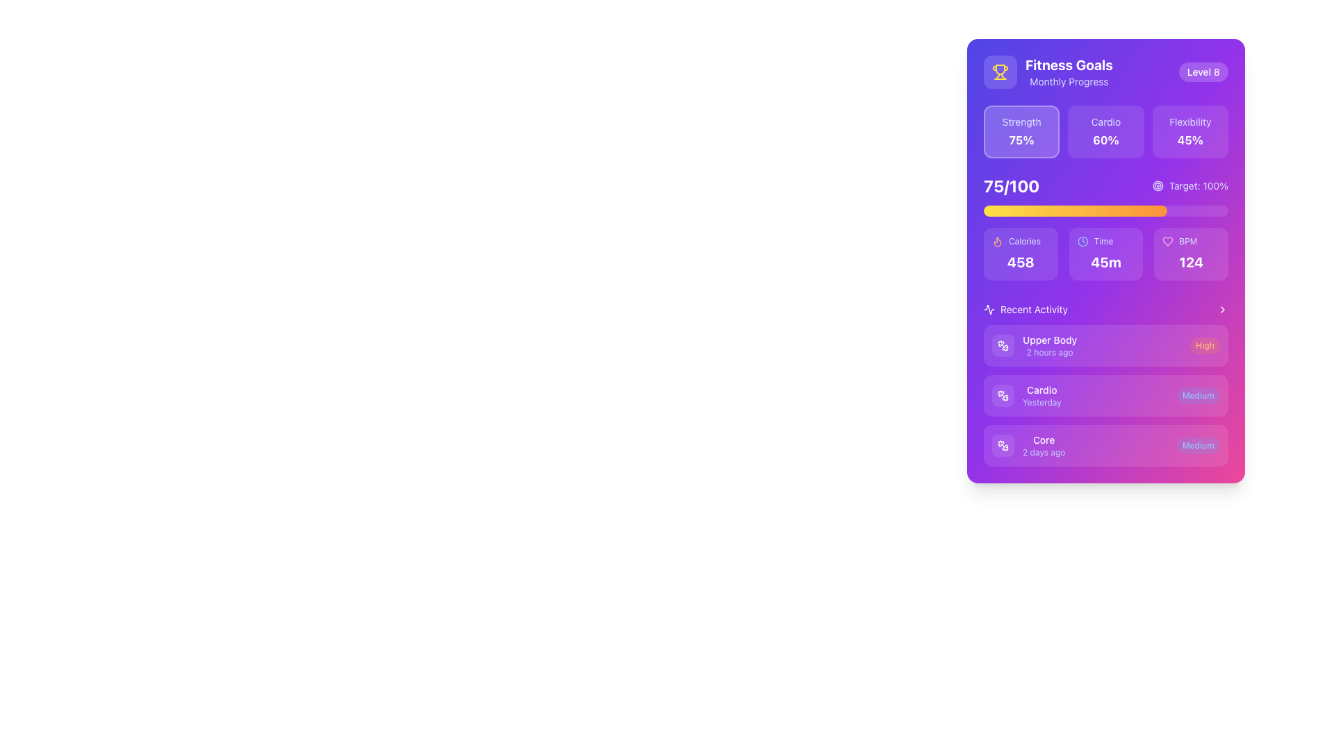 The height and width of the screenshot is (750, 1334). Describe the element at coordinates (1105, 122) in the screenshot. I see `the 'Cardio' label, which is styled in a soft indigo shade and located within a rectangular section labeled '60%', positioned at the upper part of a rounded rectangular card` at that location.